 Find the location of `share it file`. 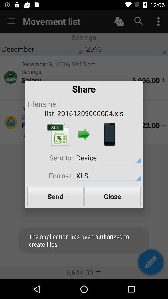

share it file is located at coordinates (109, 134).